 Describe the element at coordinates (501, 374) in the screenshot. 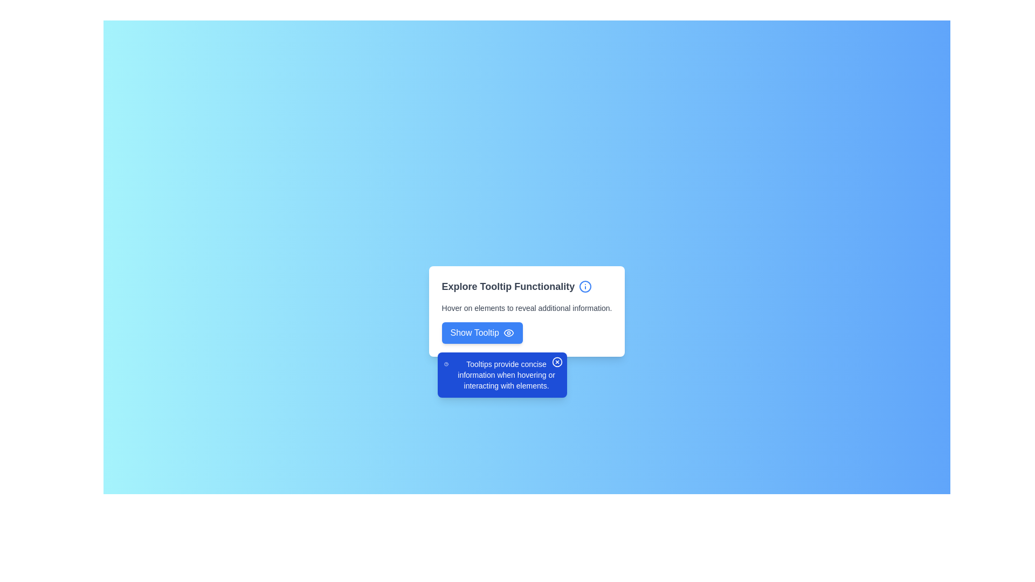

I see `explanatory text label located at the center of the tooltip, below the help icon in the tooltip-section` at that location.